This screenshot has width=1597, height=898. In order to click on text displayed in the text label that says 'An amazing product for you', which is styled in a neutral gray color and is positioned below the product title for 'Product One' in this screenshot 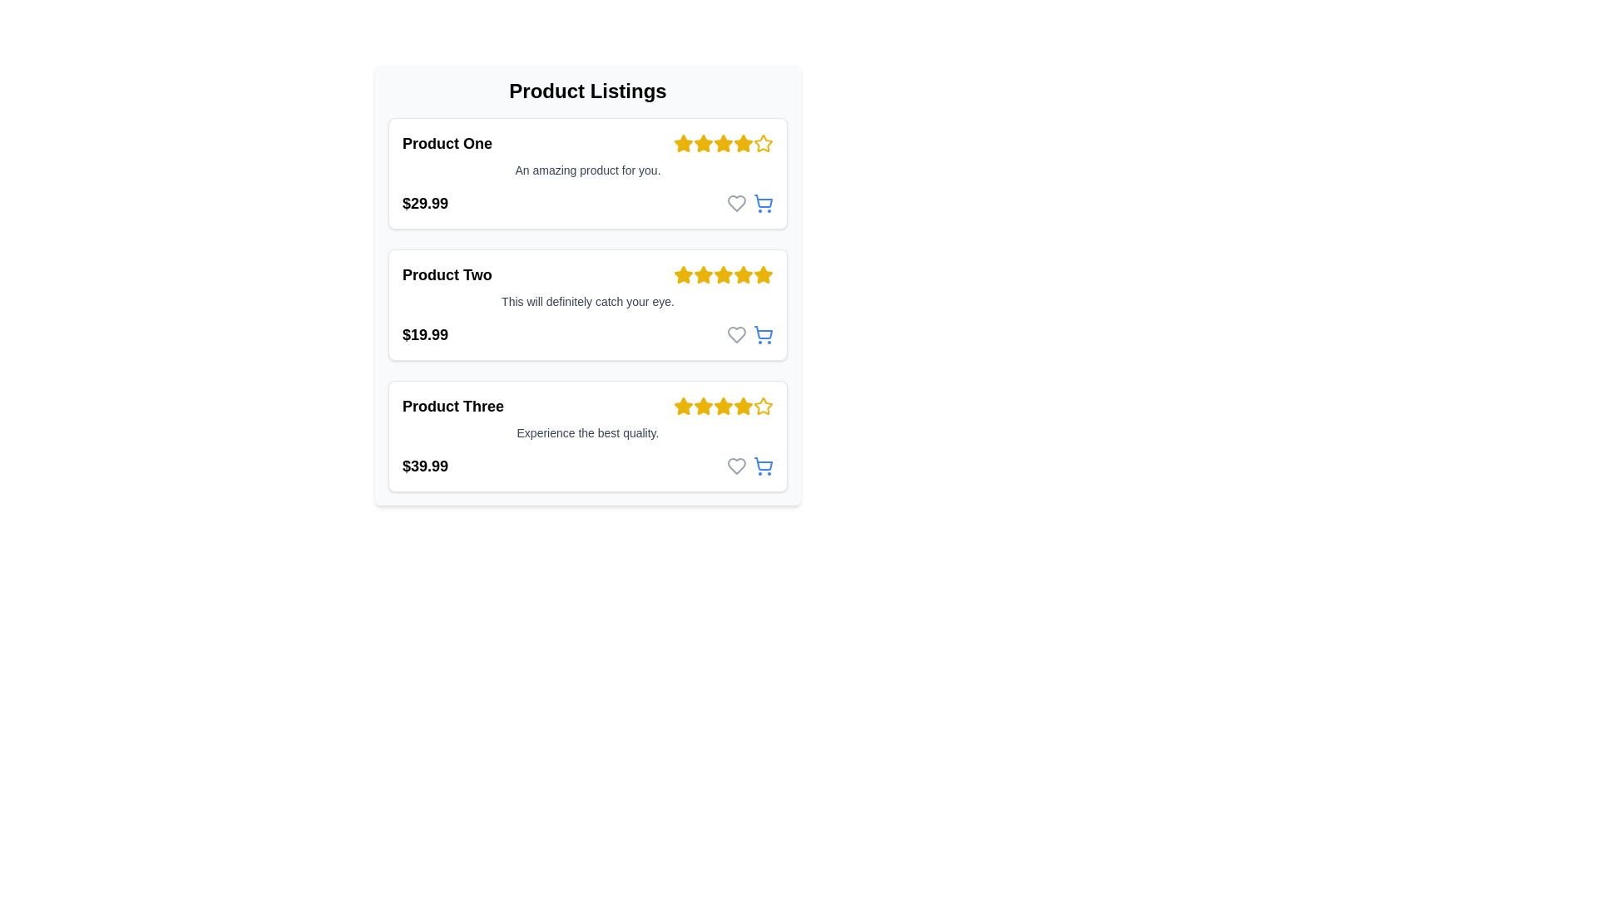, I will do `click(587, 170)`.